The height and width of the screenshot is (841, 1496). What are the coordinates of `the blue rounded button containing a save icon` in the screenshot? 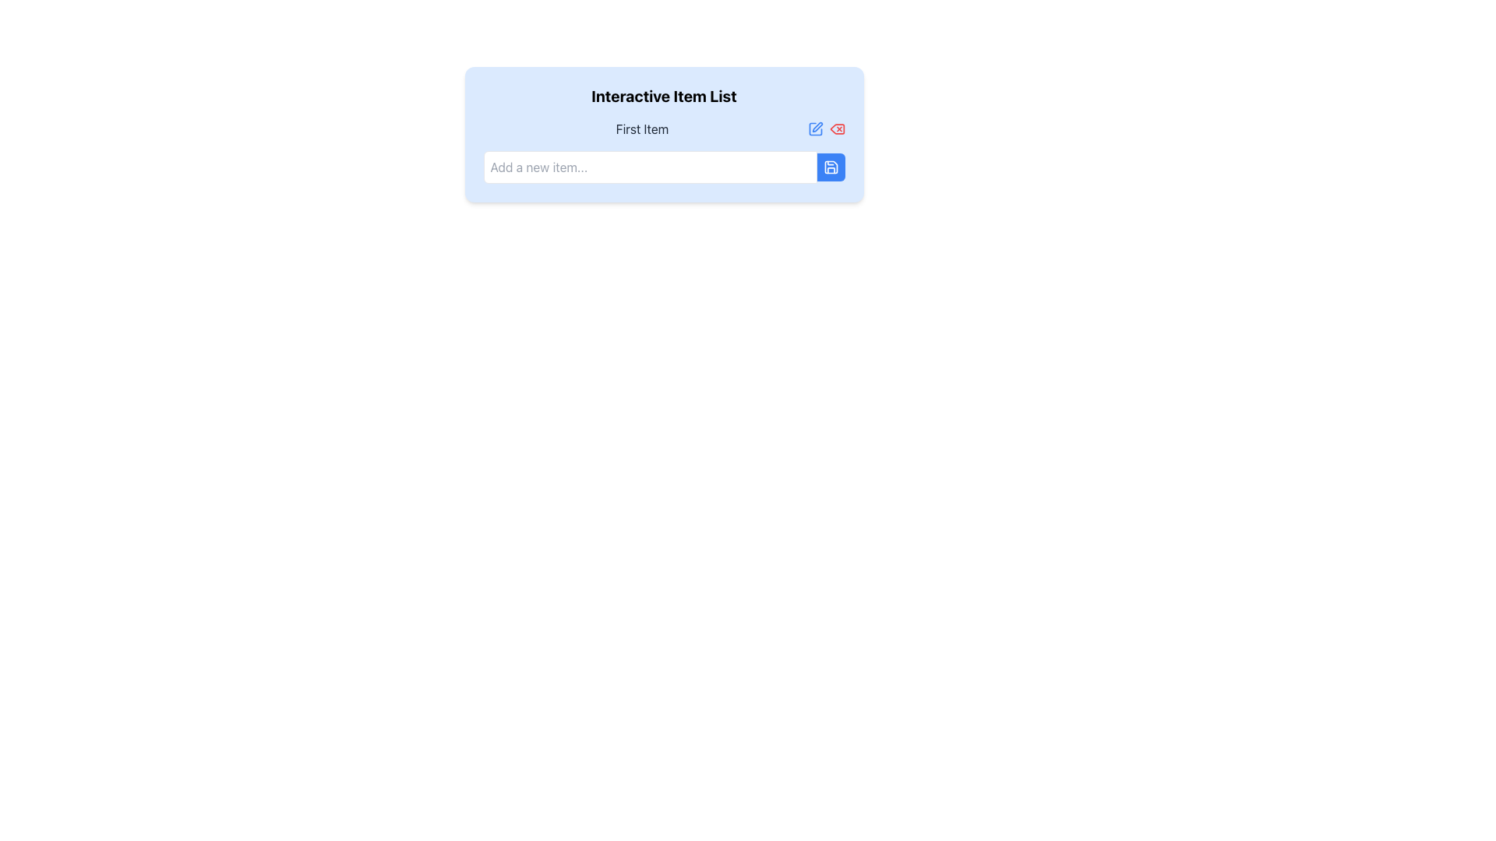 It's located at (830, 167).